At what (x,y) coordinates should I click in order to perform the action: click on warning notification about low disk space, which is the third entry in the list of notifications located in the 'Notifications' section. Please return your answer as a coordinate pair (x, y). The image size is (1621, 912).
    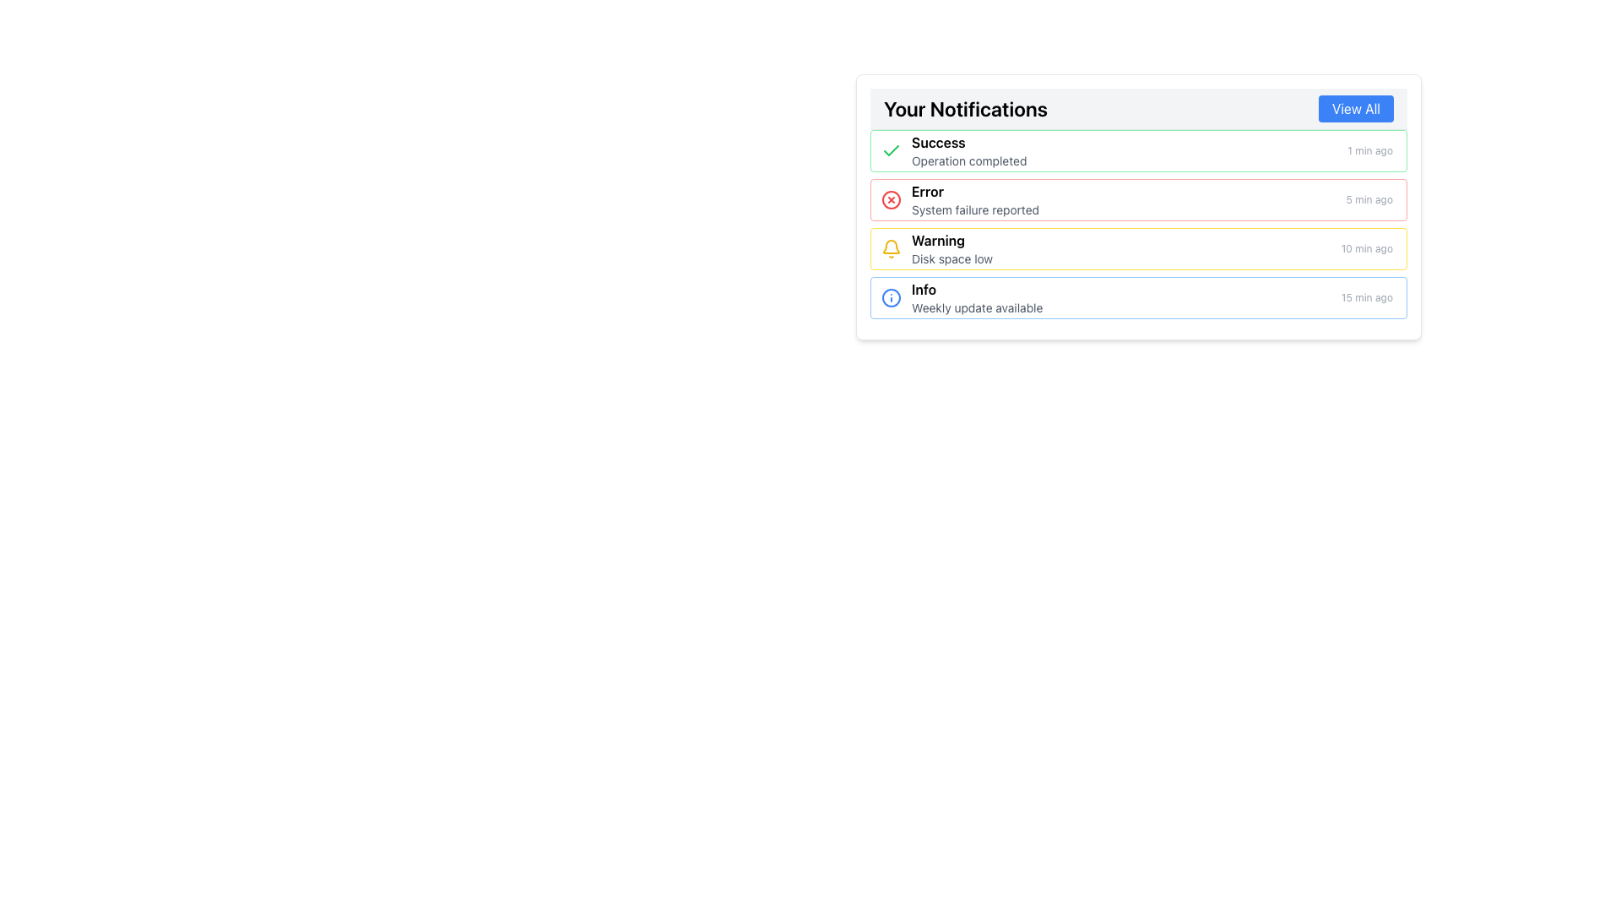
    Looking at the image, I should click on (1138, 248).